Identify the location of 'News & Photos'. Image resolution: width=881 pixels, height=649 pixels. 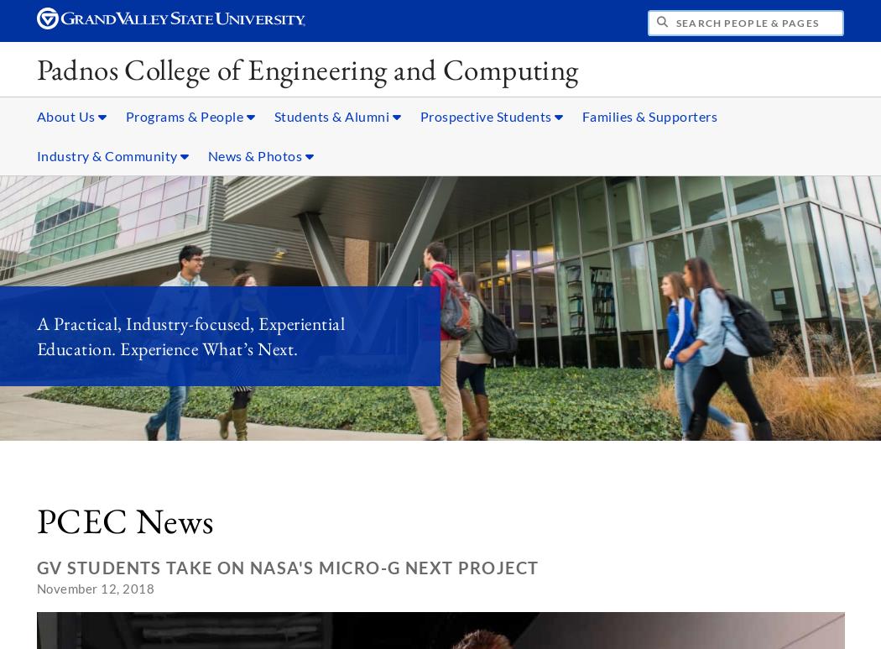
(256, 154).